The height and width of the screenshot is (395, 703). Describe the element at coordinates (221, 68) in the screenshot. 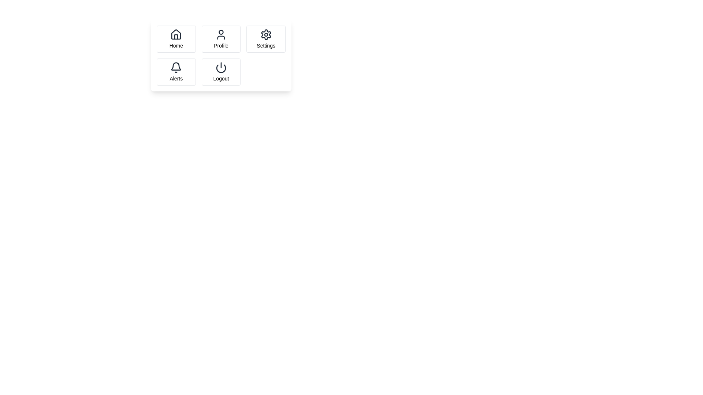

I see `the power icon, which is dark gray and circular, located above the 'Logout' text label` at that location.